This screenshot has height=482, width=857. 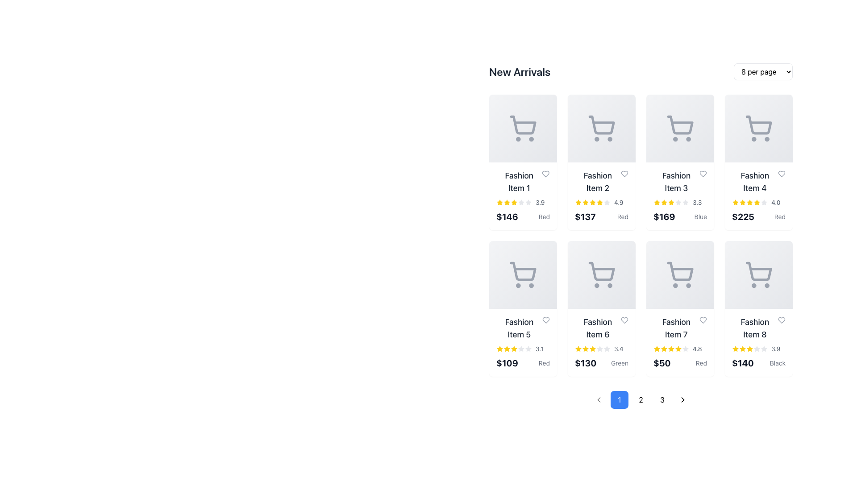 I want to click on the rating star icon located in the 'Fashion Item 8' card in the 'New Arrivals' grid to interact with the rating system, so click(x=735, y=348).